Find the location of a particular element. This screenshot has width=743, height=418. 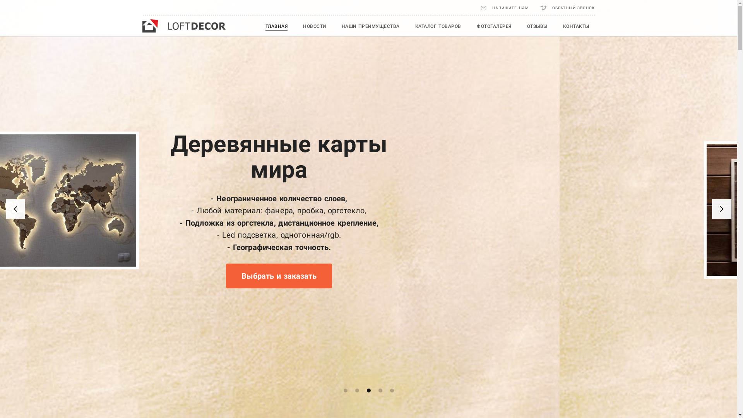

'2' is located at coordinates (356, 391).